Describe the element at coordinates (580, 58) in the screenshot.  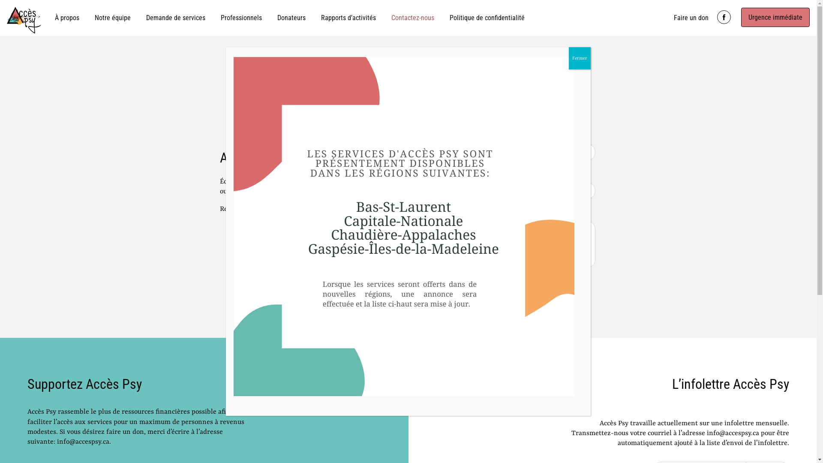
I see `'Fermer'` at that location.